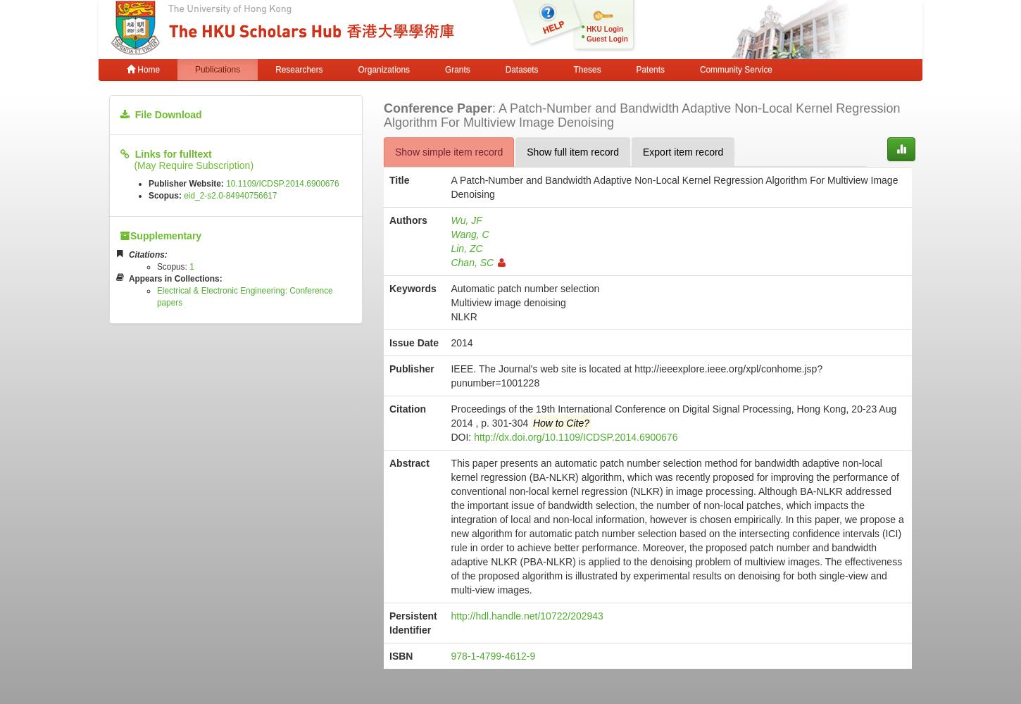 This screenshot has height=704, width=1021. What do you see at coordinates (683, 151) in the screenshot?
I see `'Export item record'` at bounding box center [683, 151].